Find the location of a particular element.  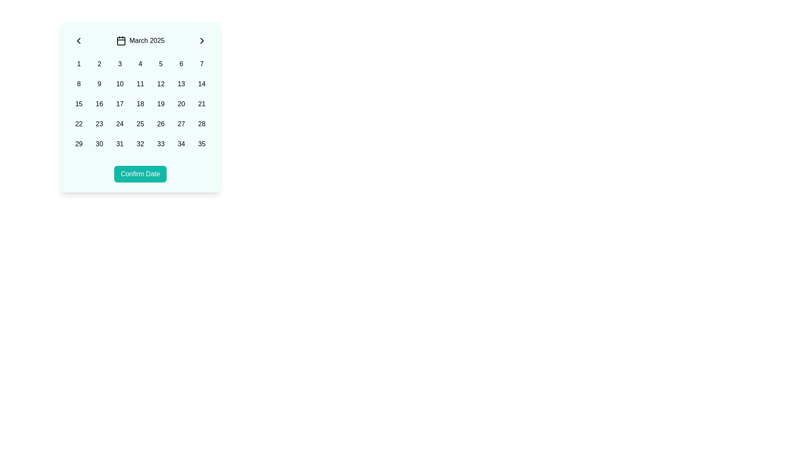

the rounded rectangular button displaying the number '1' in bold black font, which is the first button in the top row of a calendar or date picker interface is located at coordinates (79, 64).